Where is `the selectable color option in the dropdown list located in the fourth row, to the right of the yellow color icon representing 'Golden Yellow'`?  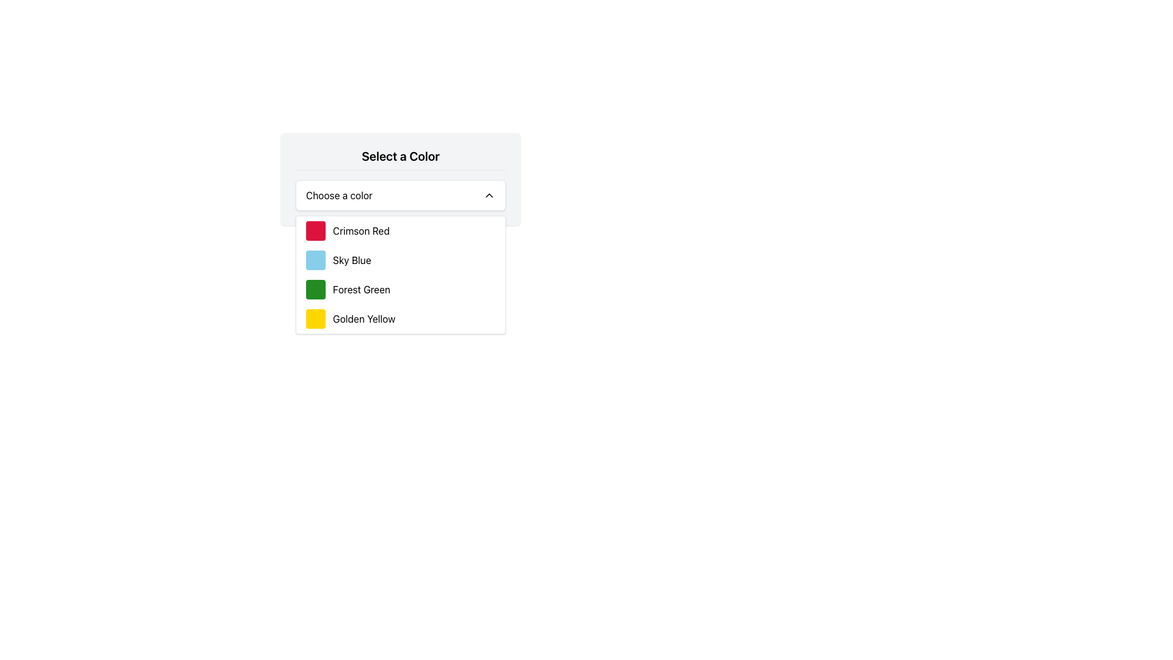 the selectable color option in the dropdown list located in the fourth row, to the right of the yellow color icon representing 'Golden Yellow' is located at coordinates (363, 318).